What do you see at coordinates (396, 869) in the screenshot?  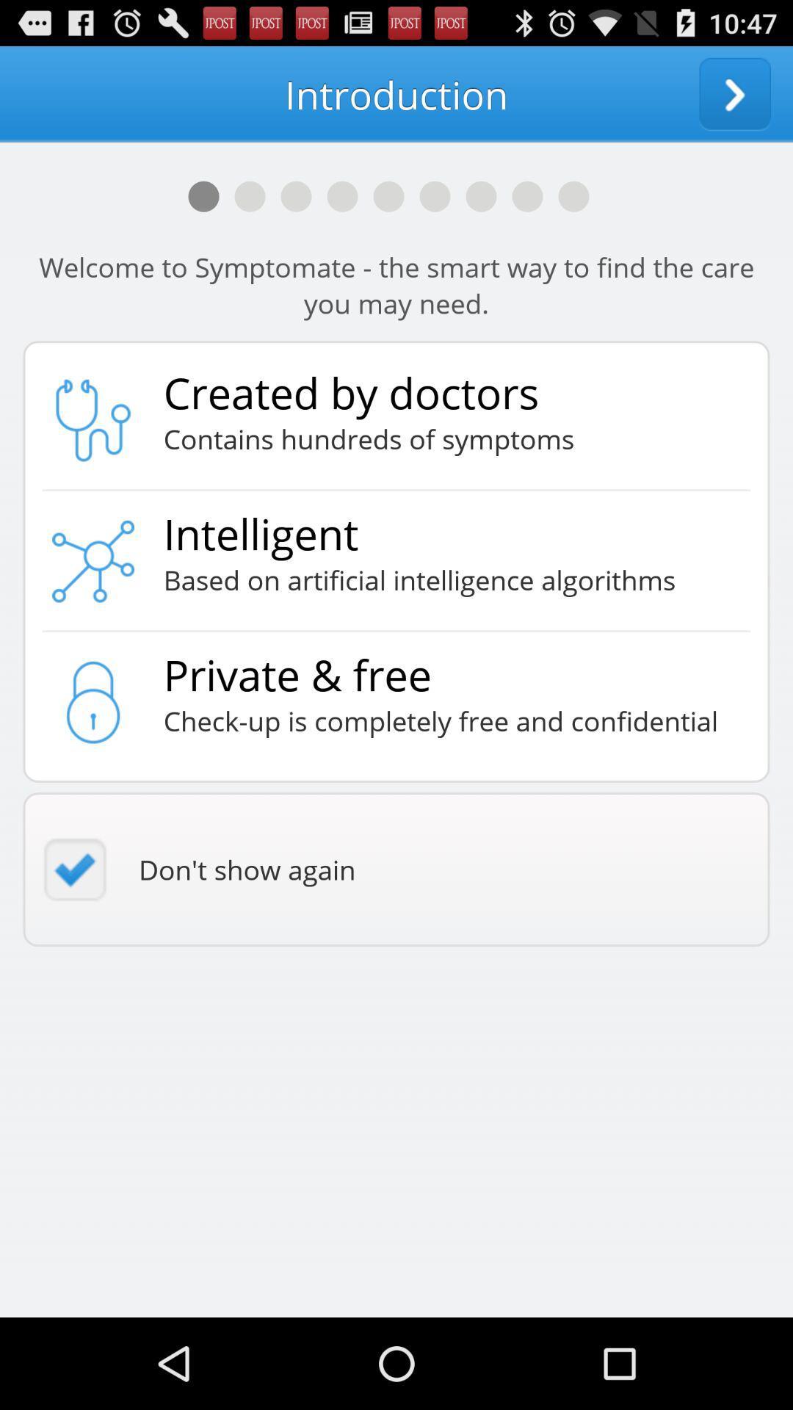 I see `the don t show icon` at bounding box center [396, 869].